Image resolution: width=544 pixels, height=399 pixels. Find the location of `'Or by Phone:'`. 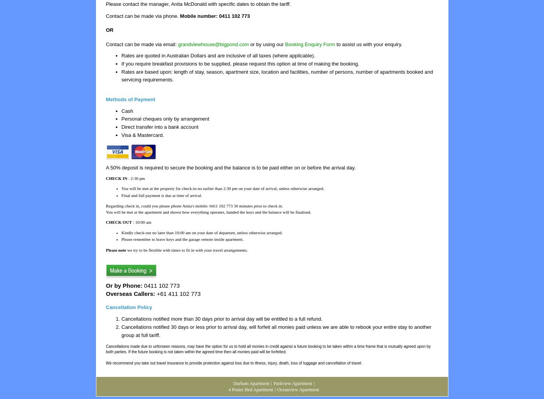

'Or by Phone:' is located at coordinates (106, 285).